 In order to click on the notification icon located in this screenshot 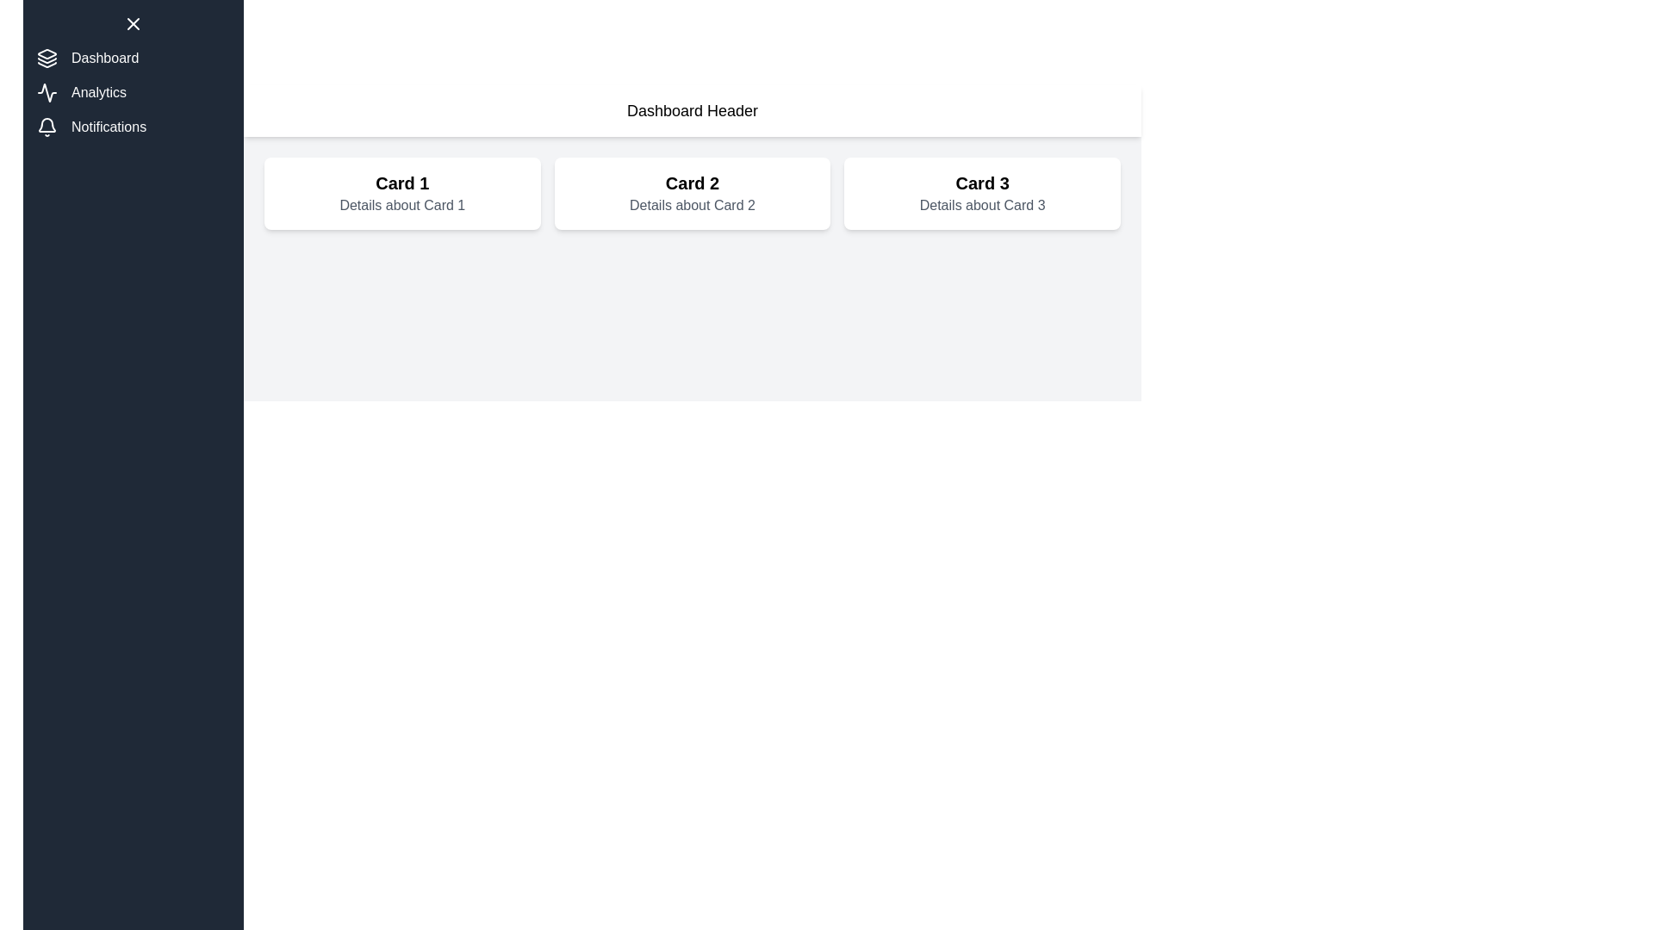, I will do `click(47, 124)`.